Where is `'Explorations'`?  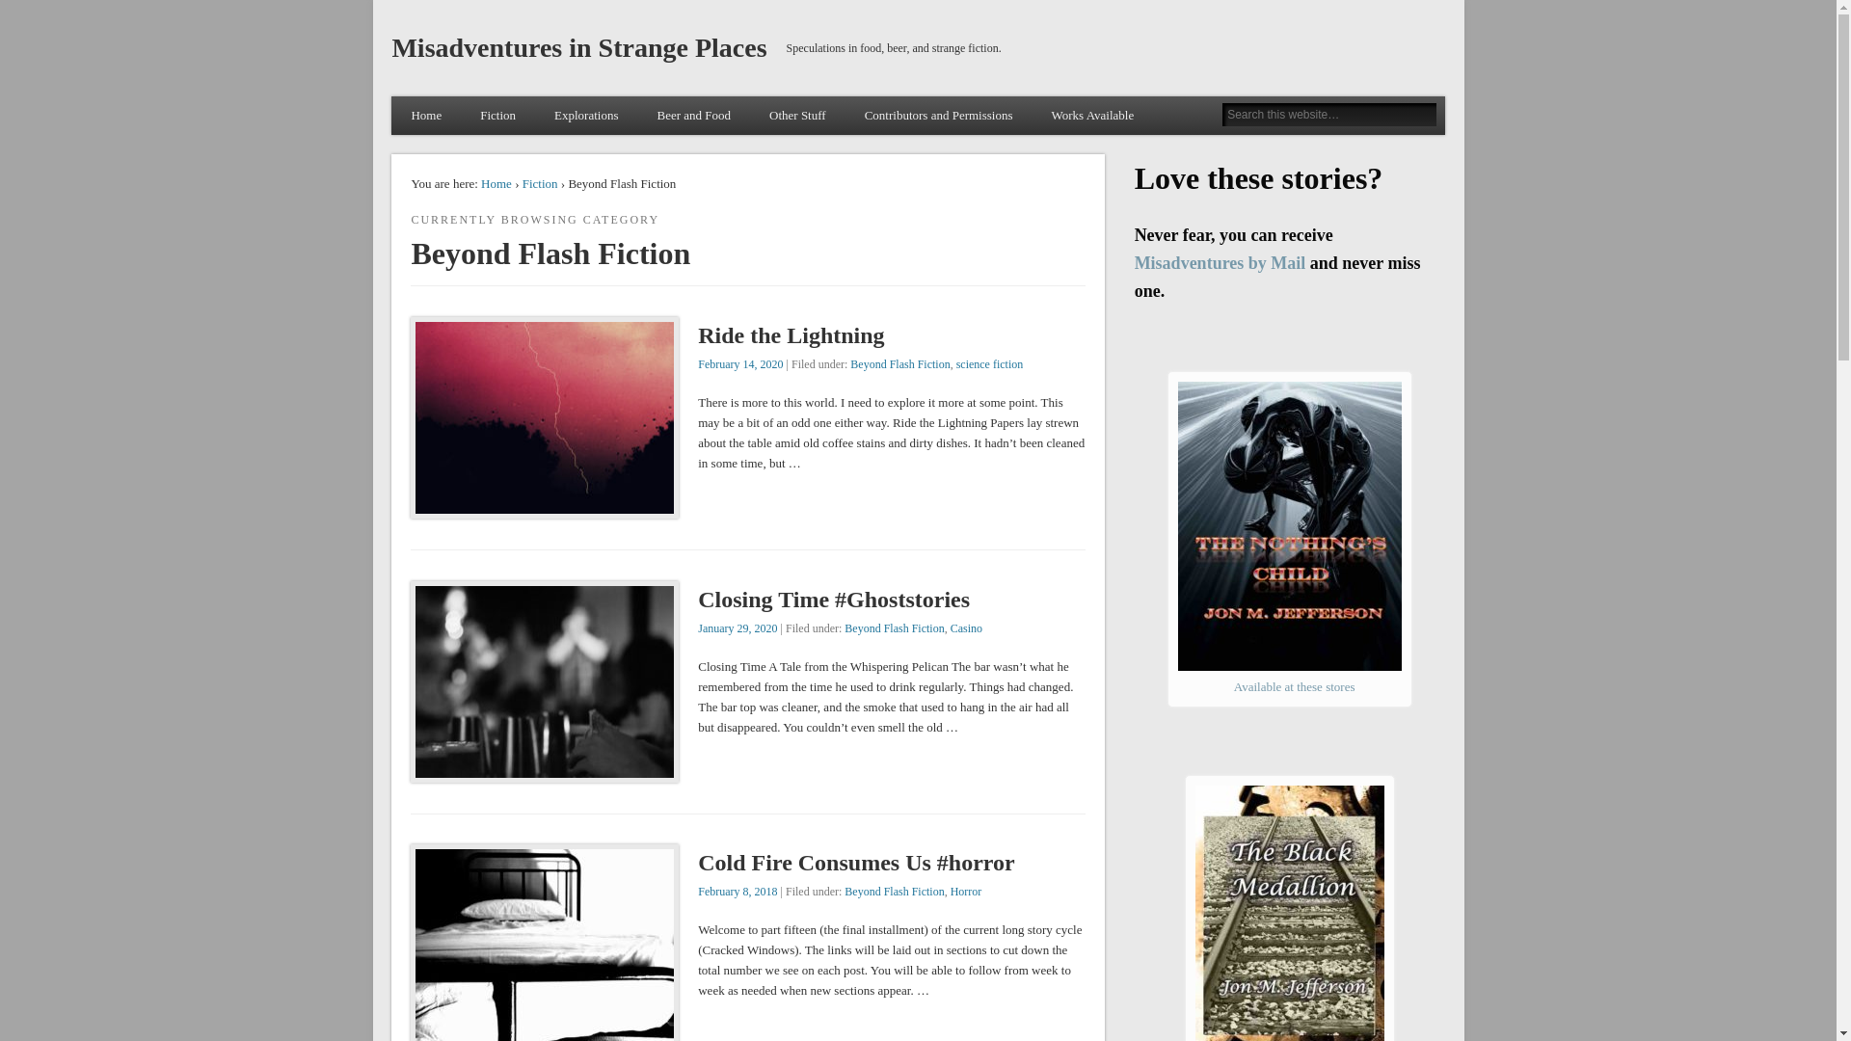
'Explorations' is located at coordinates (585, 115).